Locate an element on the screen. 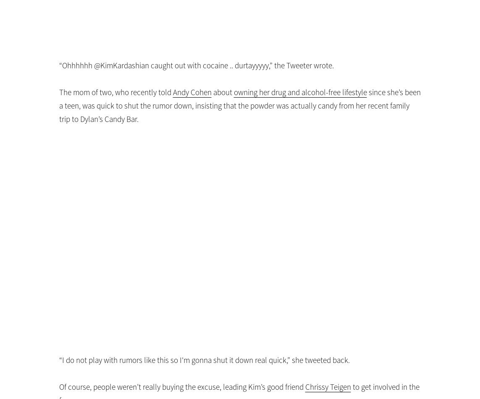  'about' is located at coordinates (222, 92).